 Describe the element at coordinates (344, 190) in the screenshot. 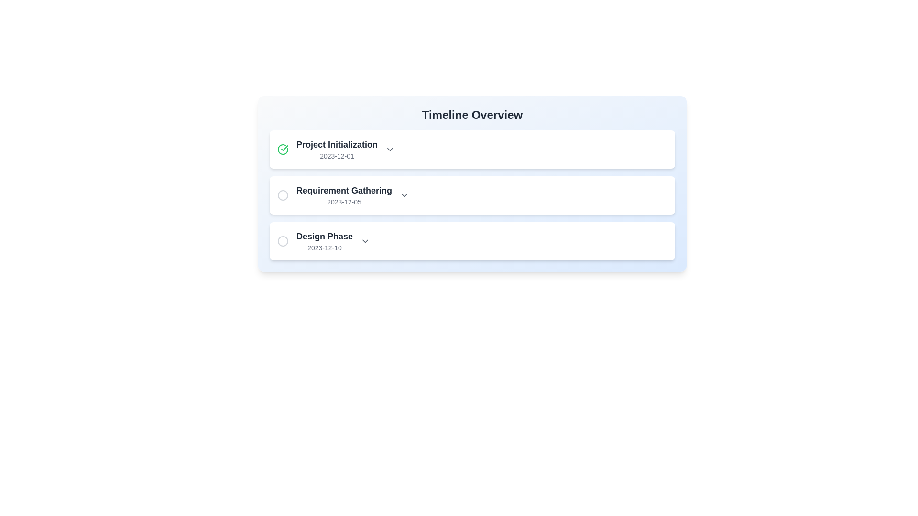

I see `the Text label located in the second segment of the vertical timeline list, which provides a title for the event or phase described in this timeline entry` at that location.